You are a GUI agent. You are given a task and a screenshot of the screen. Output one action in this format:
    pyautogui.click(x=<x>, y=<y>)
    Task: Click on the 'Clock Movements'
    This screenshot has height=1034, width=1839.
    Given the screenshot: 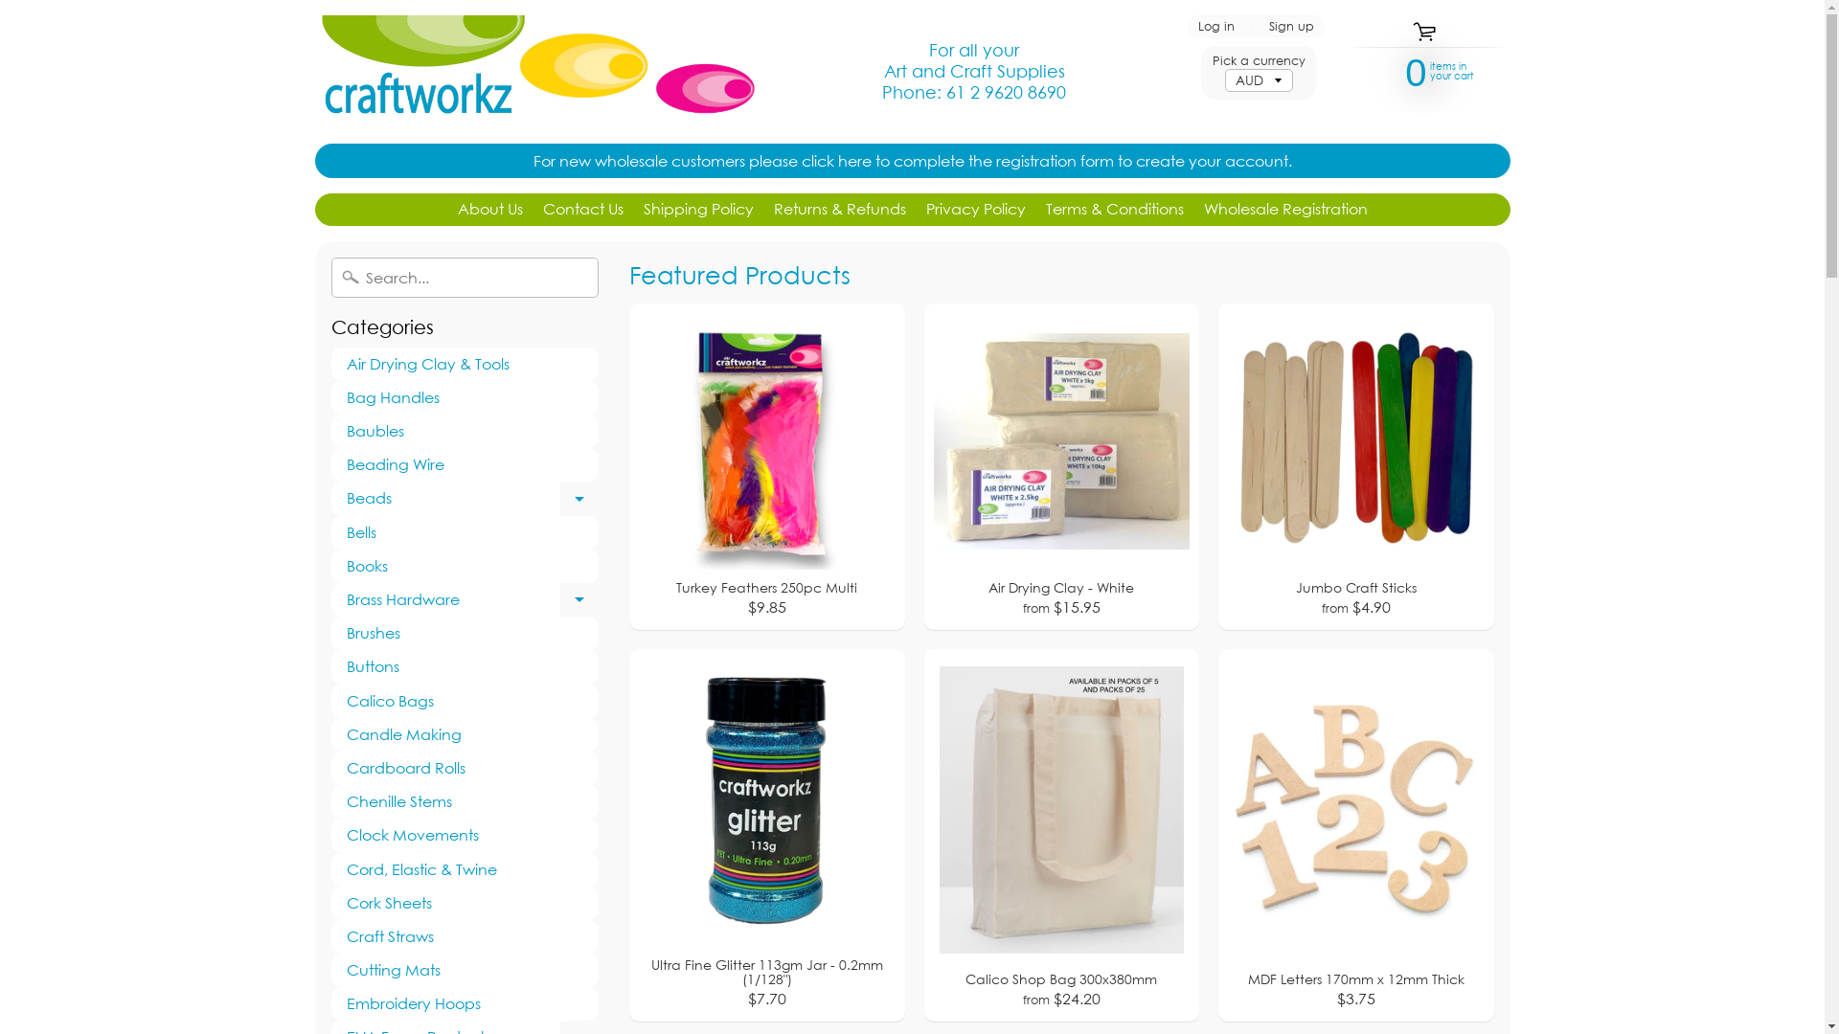 What is the action you would take?
    pyautogui.click(x=465, y=834)
    